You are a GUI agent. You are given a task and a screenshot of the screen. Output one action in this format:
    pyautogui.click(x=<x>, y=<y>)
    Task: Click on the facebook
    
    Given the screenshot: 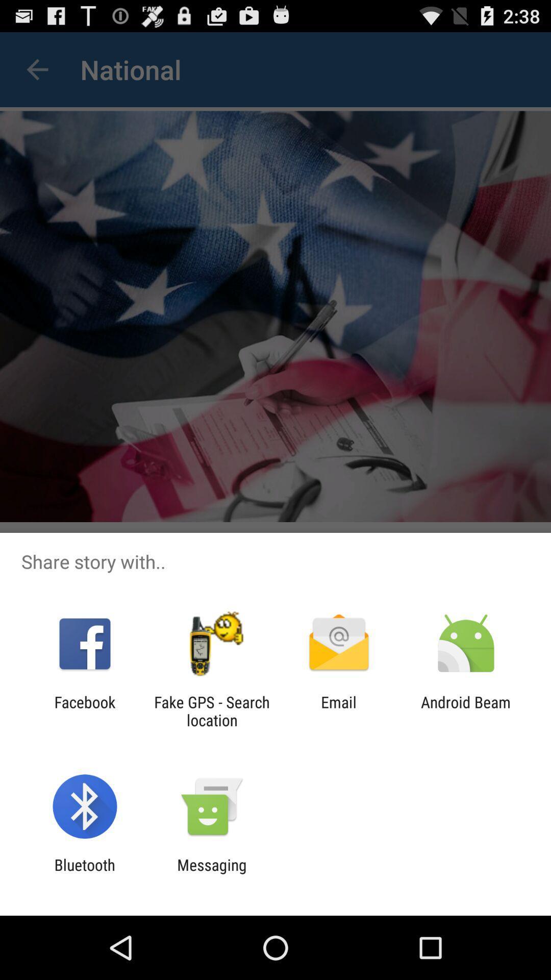 What is the action you would take?
    pyautogui.click(x=84, y=710)
    